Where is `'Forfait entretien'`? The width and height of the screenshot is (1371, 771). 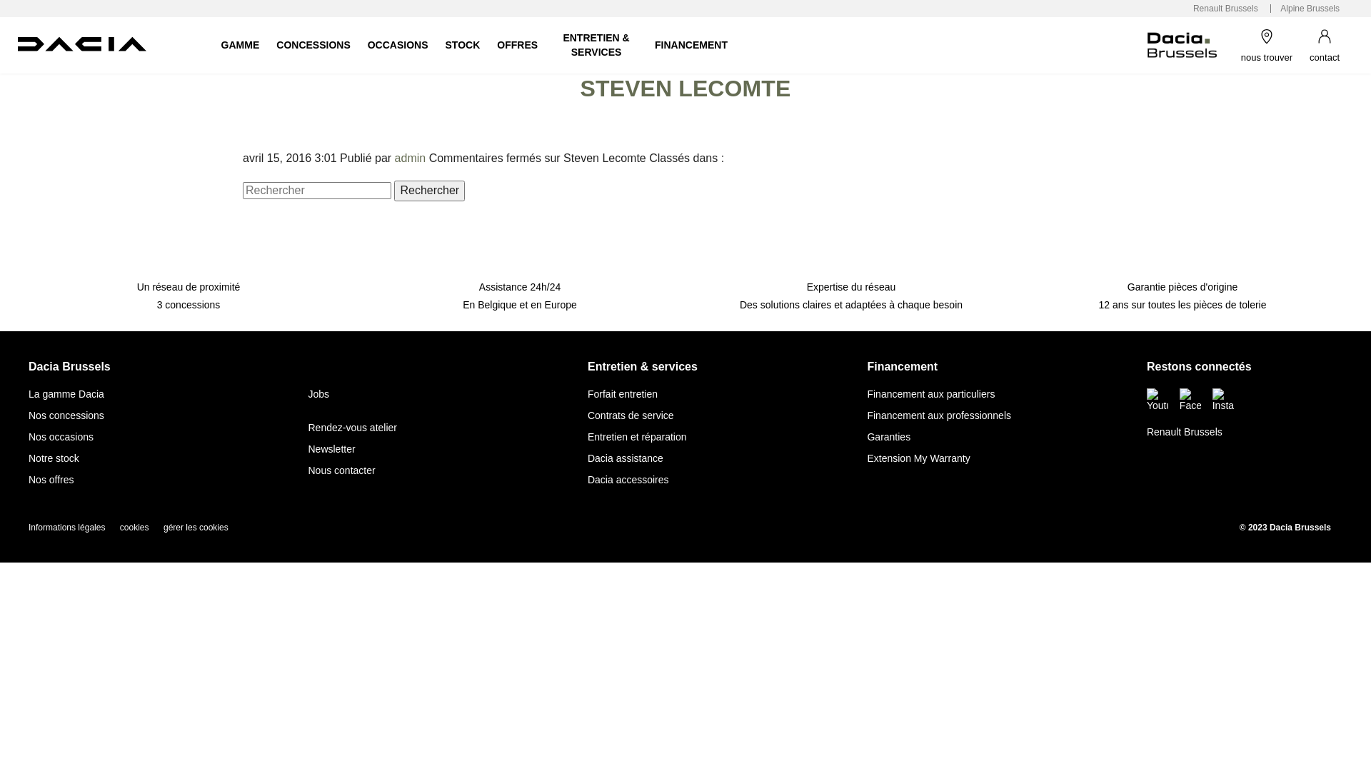
'Forfait entretien' is located at coordinates (623, 393).